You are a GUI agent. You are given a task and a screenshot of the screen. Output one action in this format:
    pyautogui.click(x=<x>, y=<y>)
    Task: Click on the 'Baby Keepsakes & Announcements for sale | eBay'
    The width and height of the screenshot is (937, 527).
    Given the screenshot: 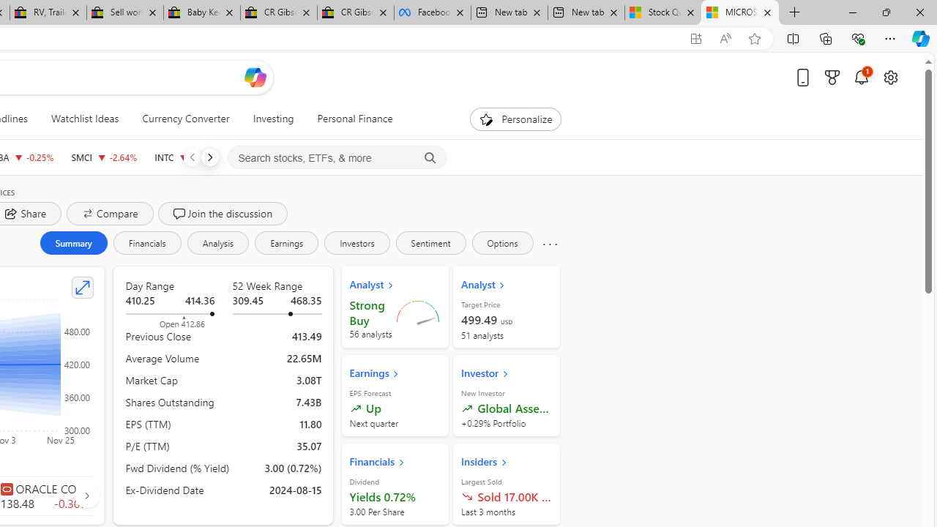 What is the action you would take?
    pyautogui.click(x=201, y=12)
    